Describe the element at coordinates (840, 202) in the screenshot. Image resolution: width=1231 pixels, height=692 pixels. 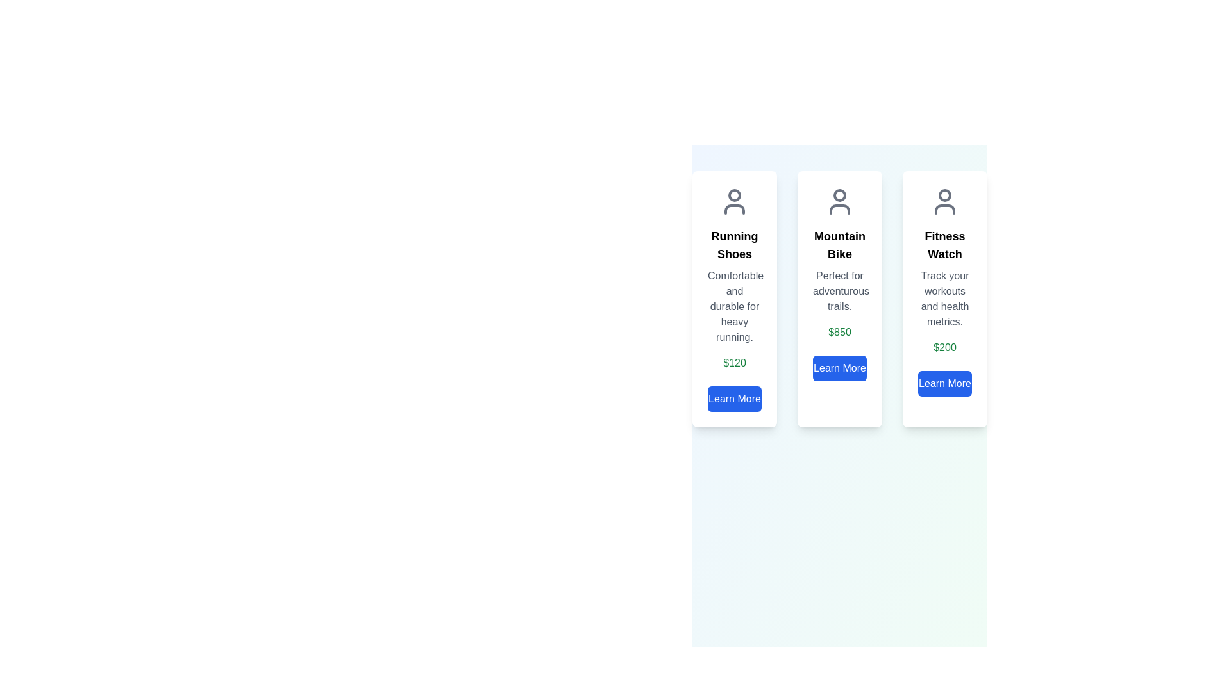
I see `the icon located at the top of the 'Mountain Bike' card, which symbolizes an individual or user-related concept` at that location.